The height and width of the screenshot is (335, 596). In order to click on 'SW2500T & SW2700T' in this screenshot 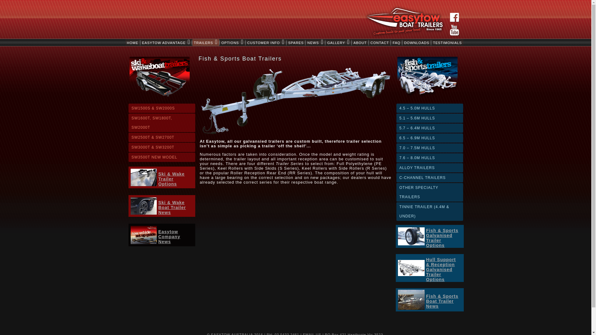, I will do `click(162, 137)`.